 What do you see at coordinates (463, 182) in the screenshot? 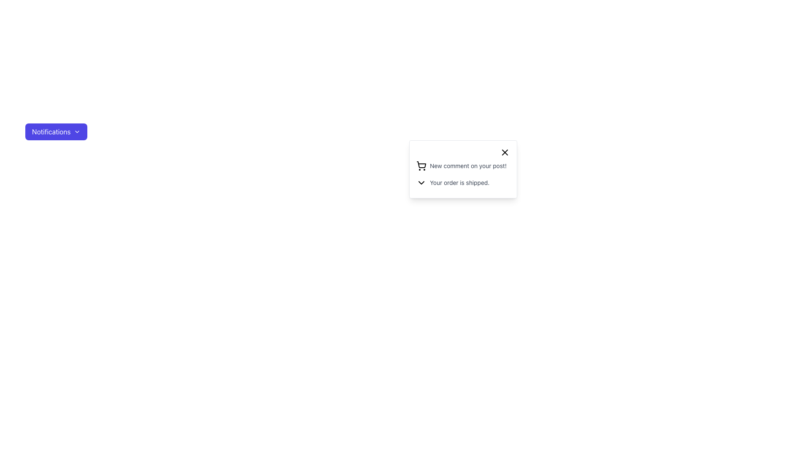
I see `the downward-facing chevron icon on the second notification entry that contains the text 'Your order is shipped.'` at bounding box center [463, 182].